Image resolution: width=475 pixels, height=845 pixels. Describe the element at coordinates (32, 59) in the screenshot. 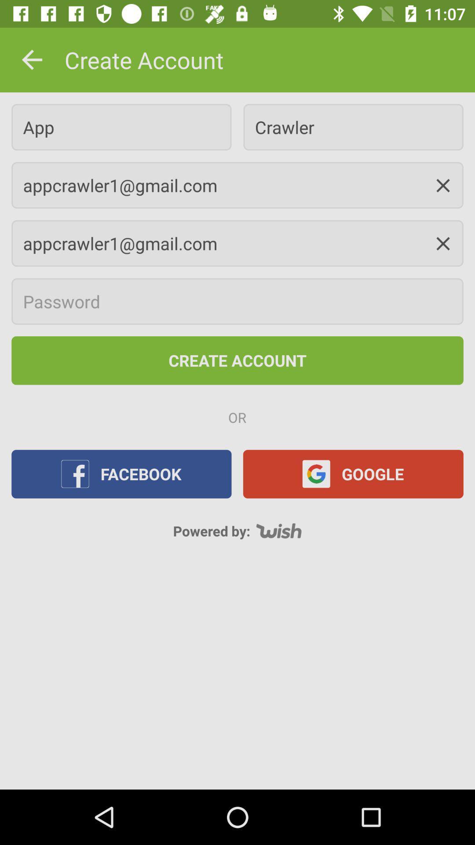

I see `the icon next to create account item` at that location.